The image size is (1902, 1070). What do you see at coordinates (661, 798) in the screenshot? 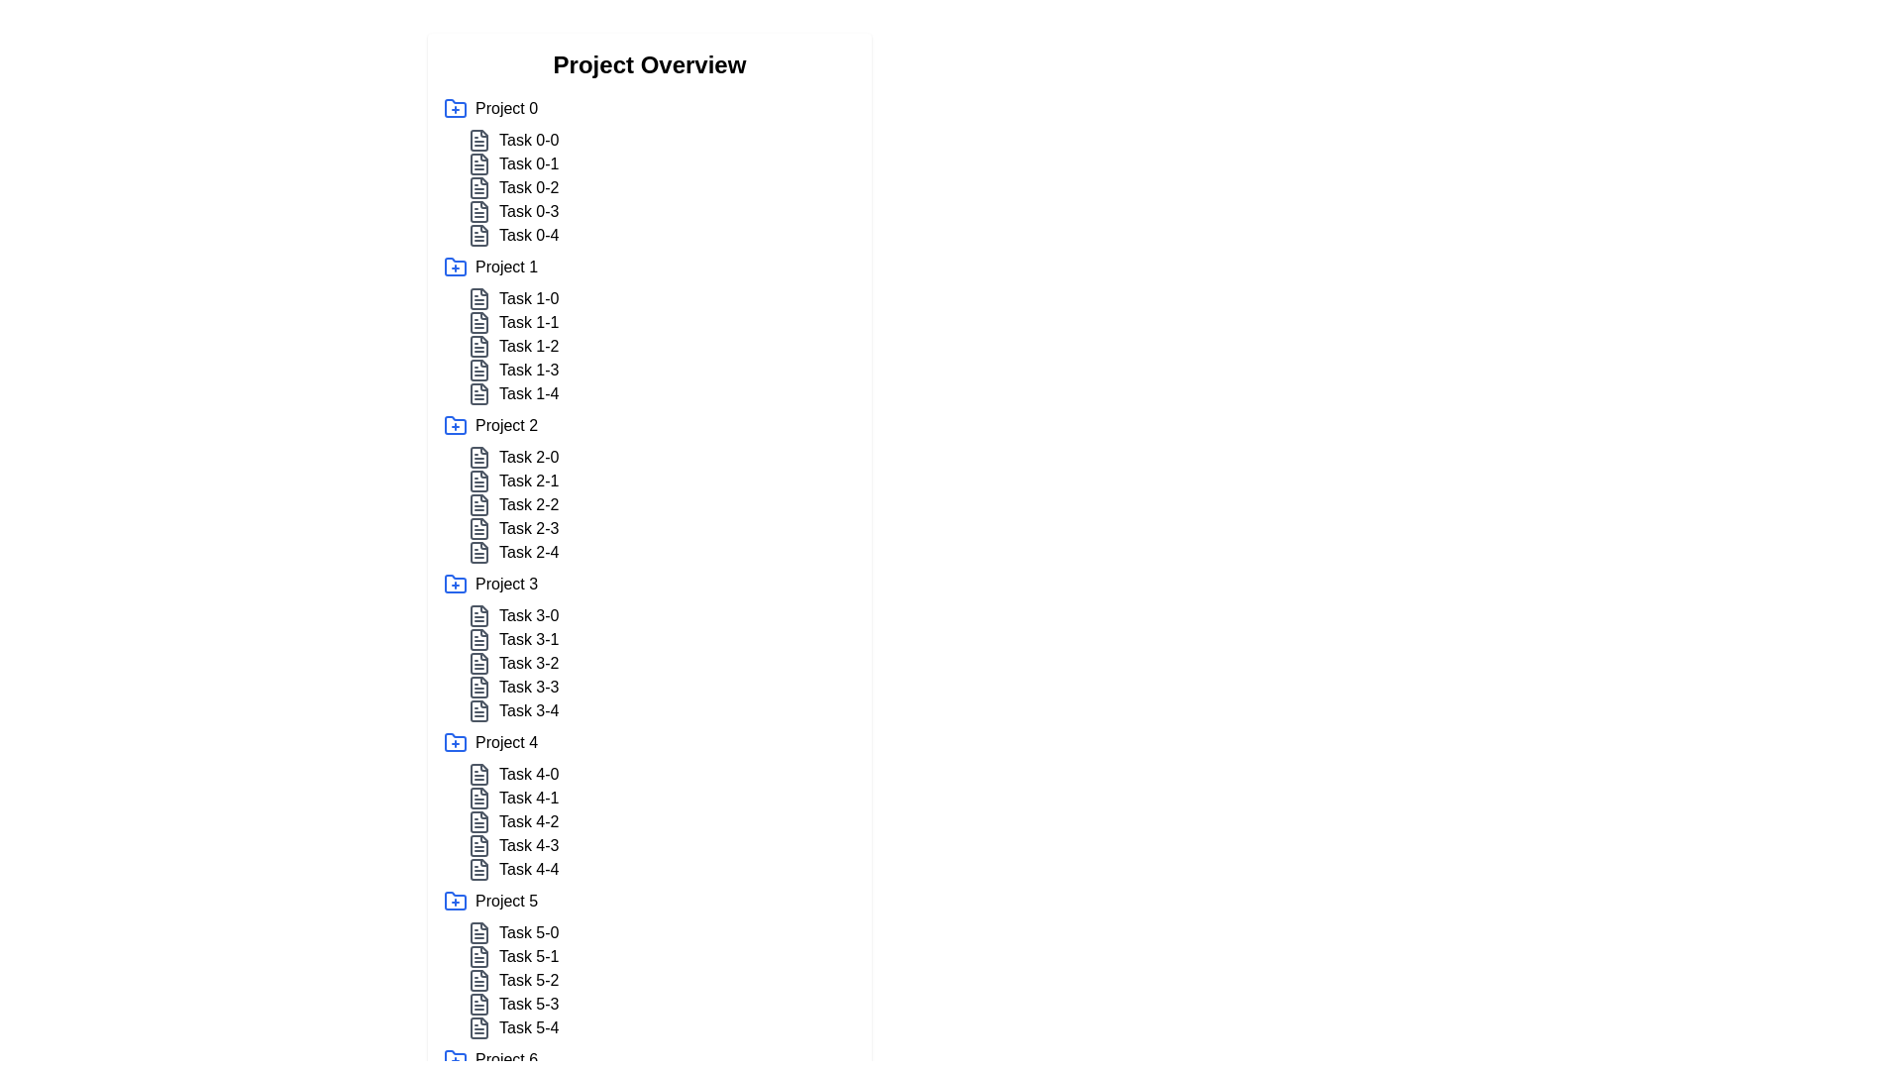
I see `the list item labeled 'Task 4-1', which is the second item in the 'Project 4' section` at bounding box center [661, 798].